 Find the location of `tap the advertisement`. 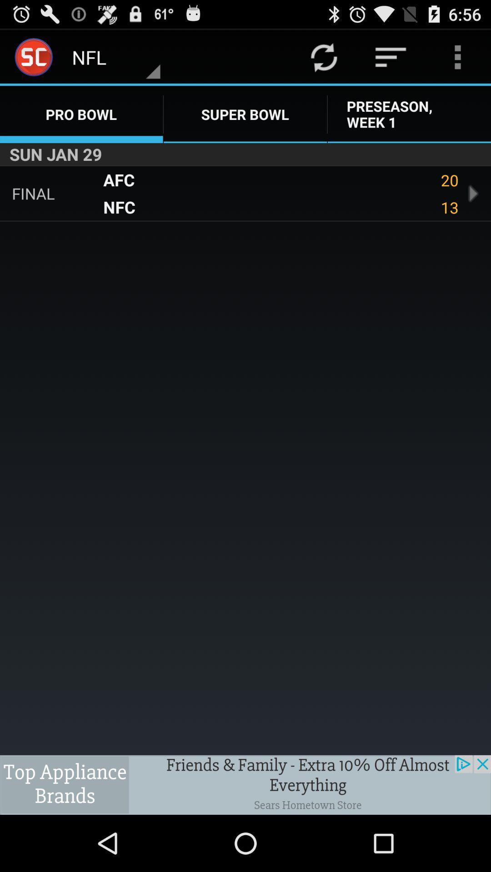

tap the advertisement is located at coordinates (245, 784).